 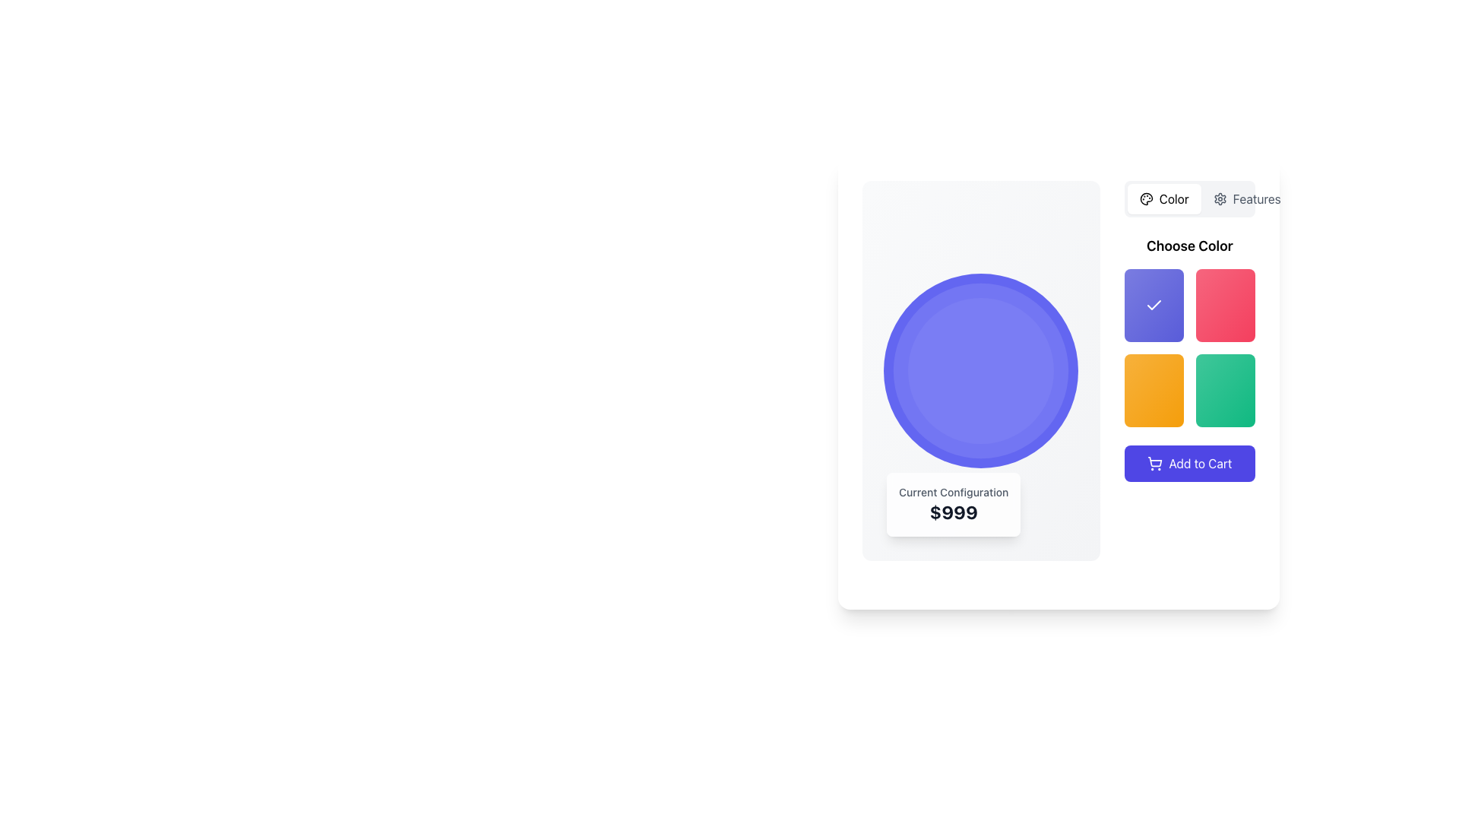 I want to click on the Interactive color selection component, so click(x=1188, y=348).